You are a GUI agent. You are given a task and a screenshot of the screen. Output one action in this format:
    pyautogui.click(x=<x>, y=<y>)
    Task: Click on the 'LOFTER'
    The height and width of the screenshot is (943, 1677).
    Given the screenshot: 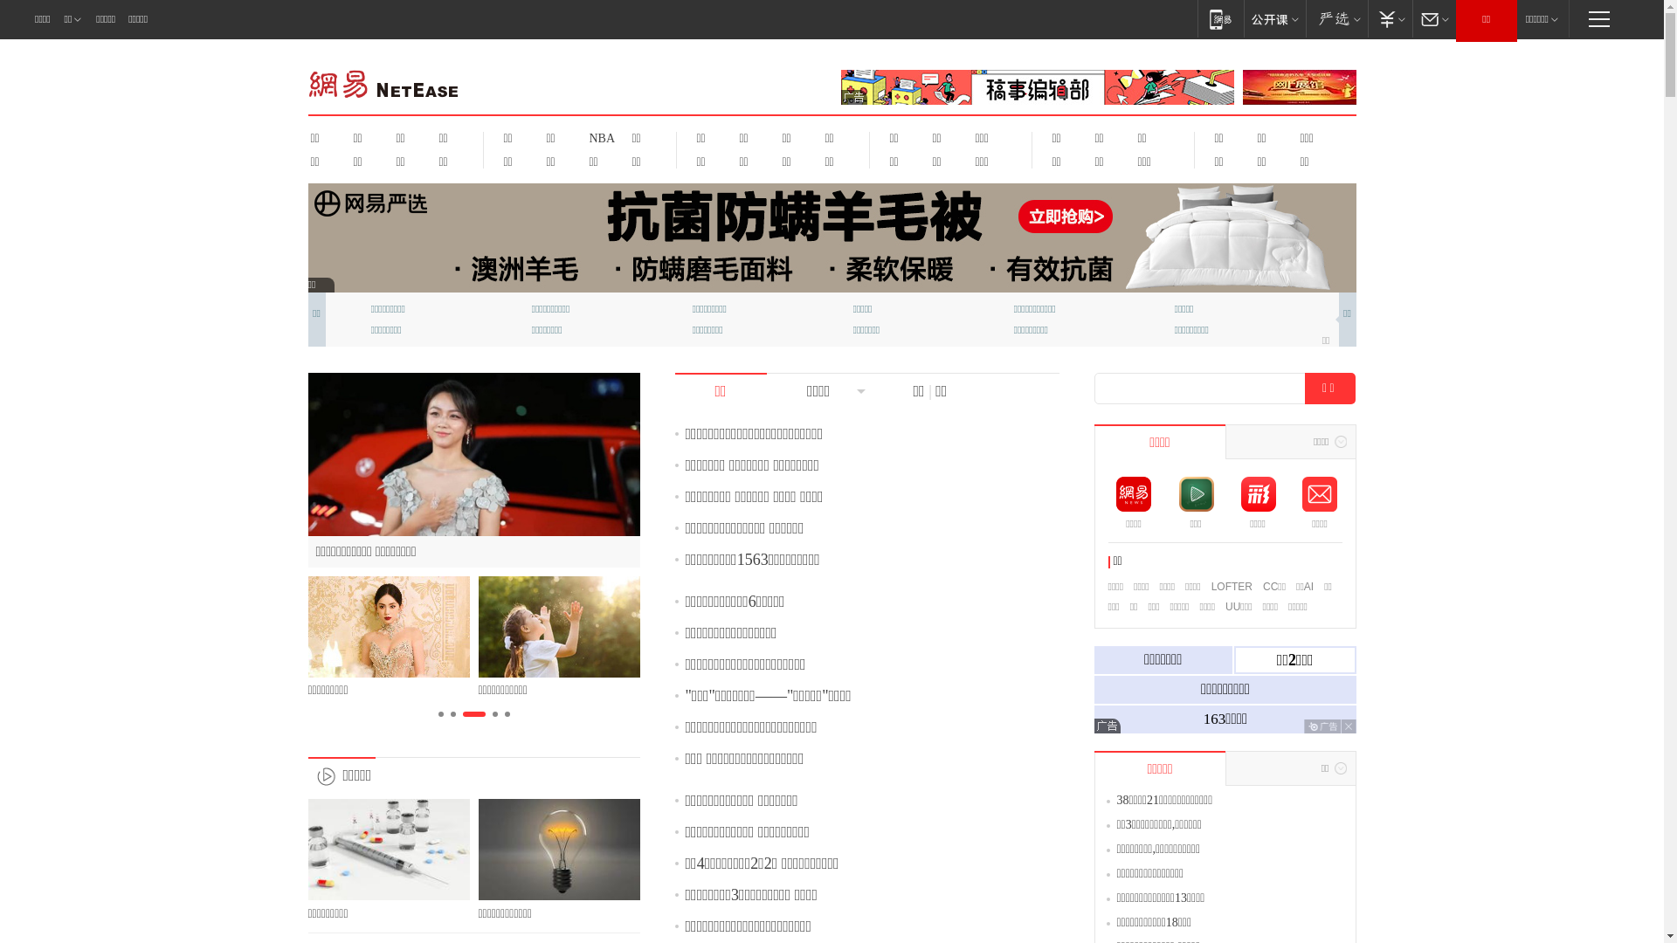 What is the action you would take?
    pyautogui.click(x=1231, y=586)
    